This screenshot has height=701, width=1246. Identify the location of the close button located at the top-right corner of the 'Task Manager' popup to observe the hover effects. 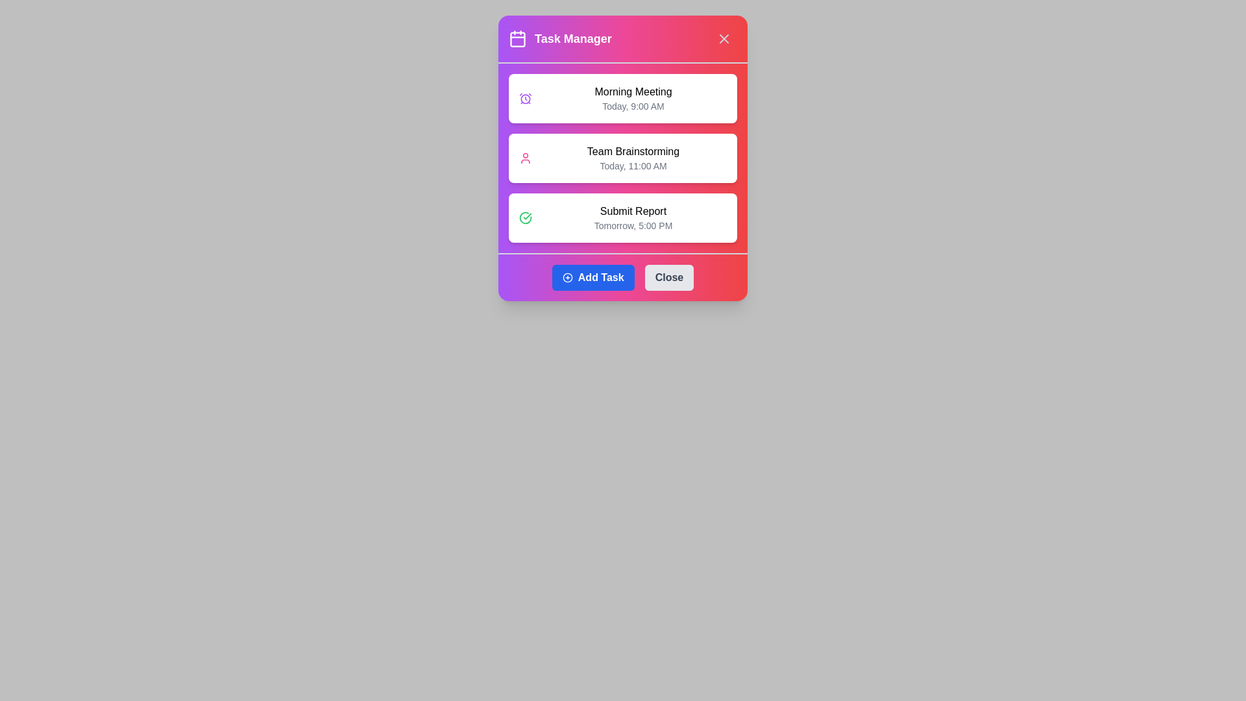
(724, 38).